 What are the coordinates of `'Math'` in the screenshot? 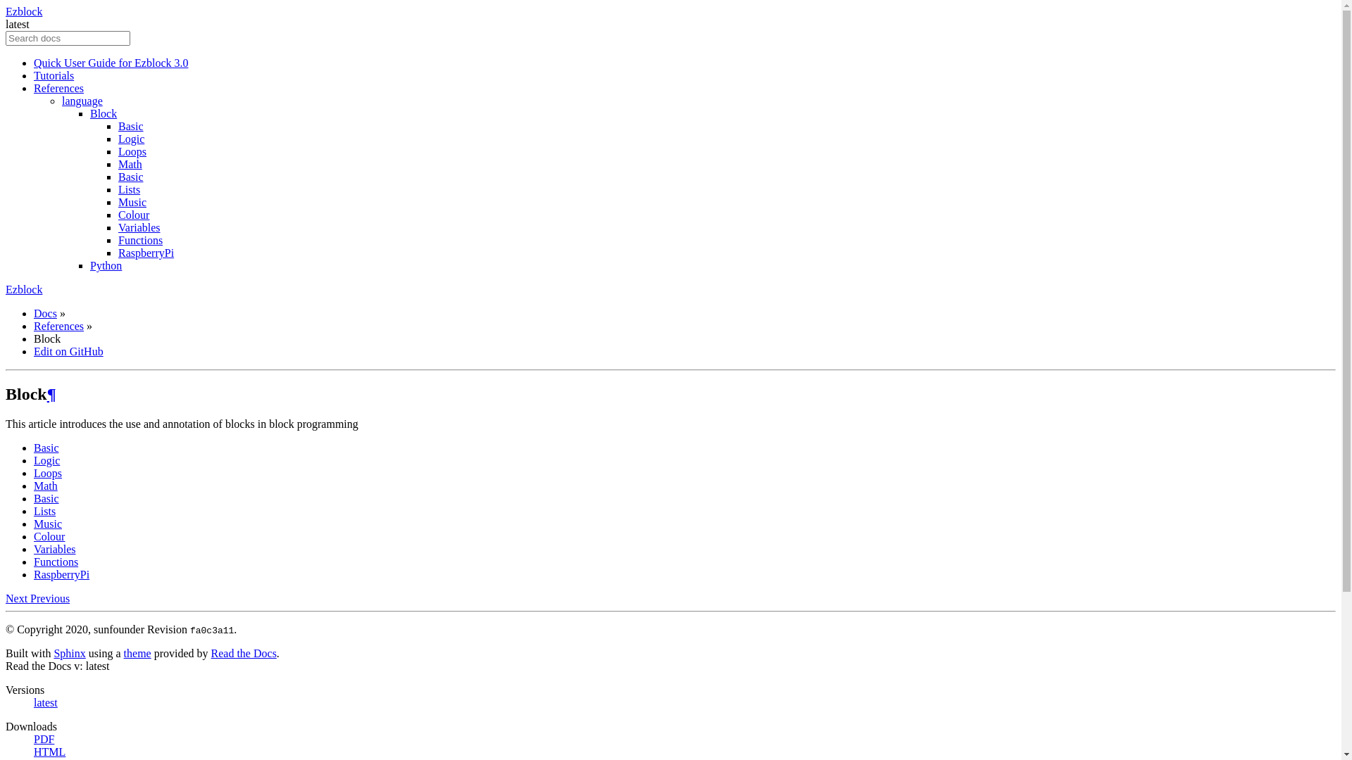 It's located at (130, 163).